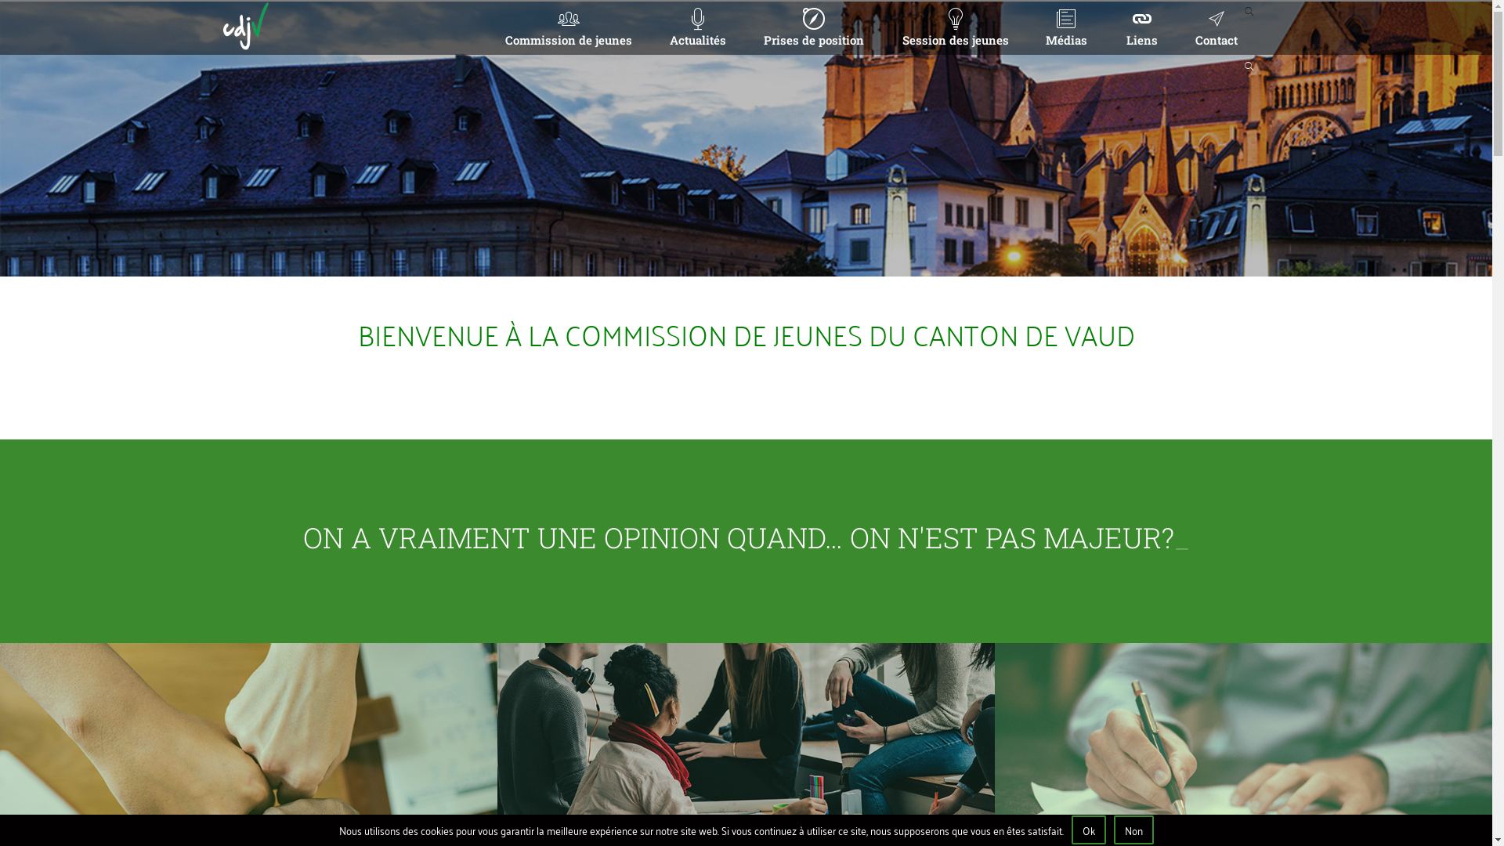  Describe the element at coordinates (1133, 829) in the screenshot. I see `'Non'` at that location.